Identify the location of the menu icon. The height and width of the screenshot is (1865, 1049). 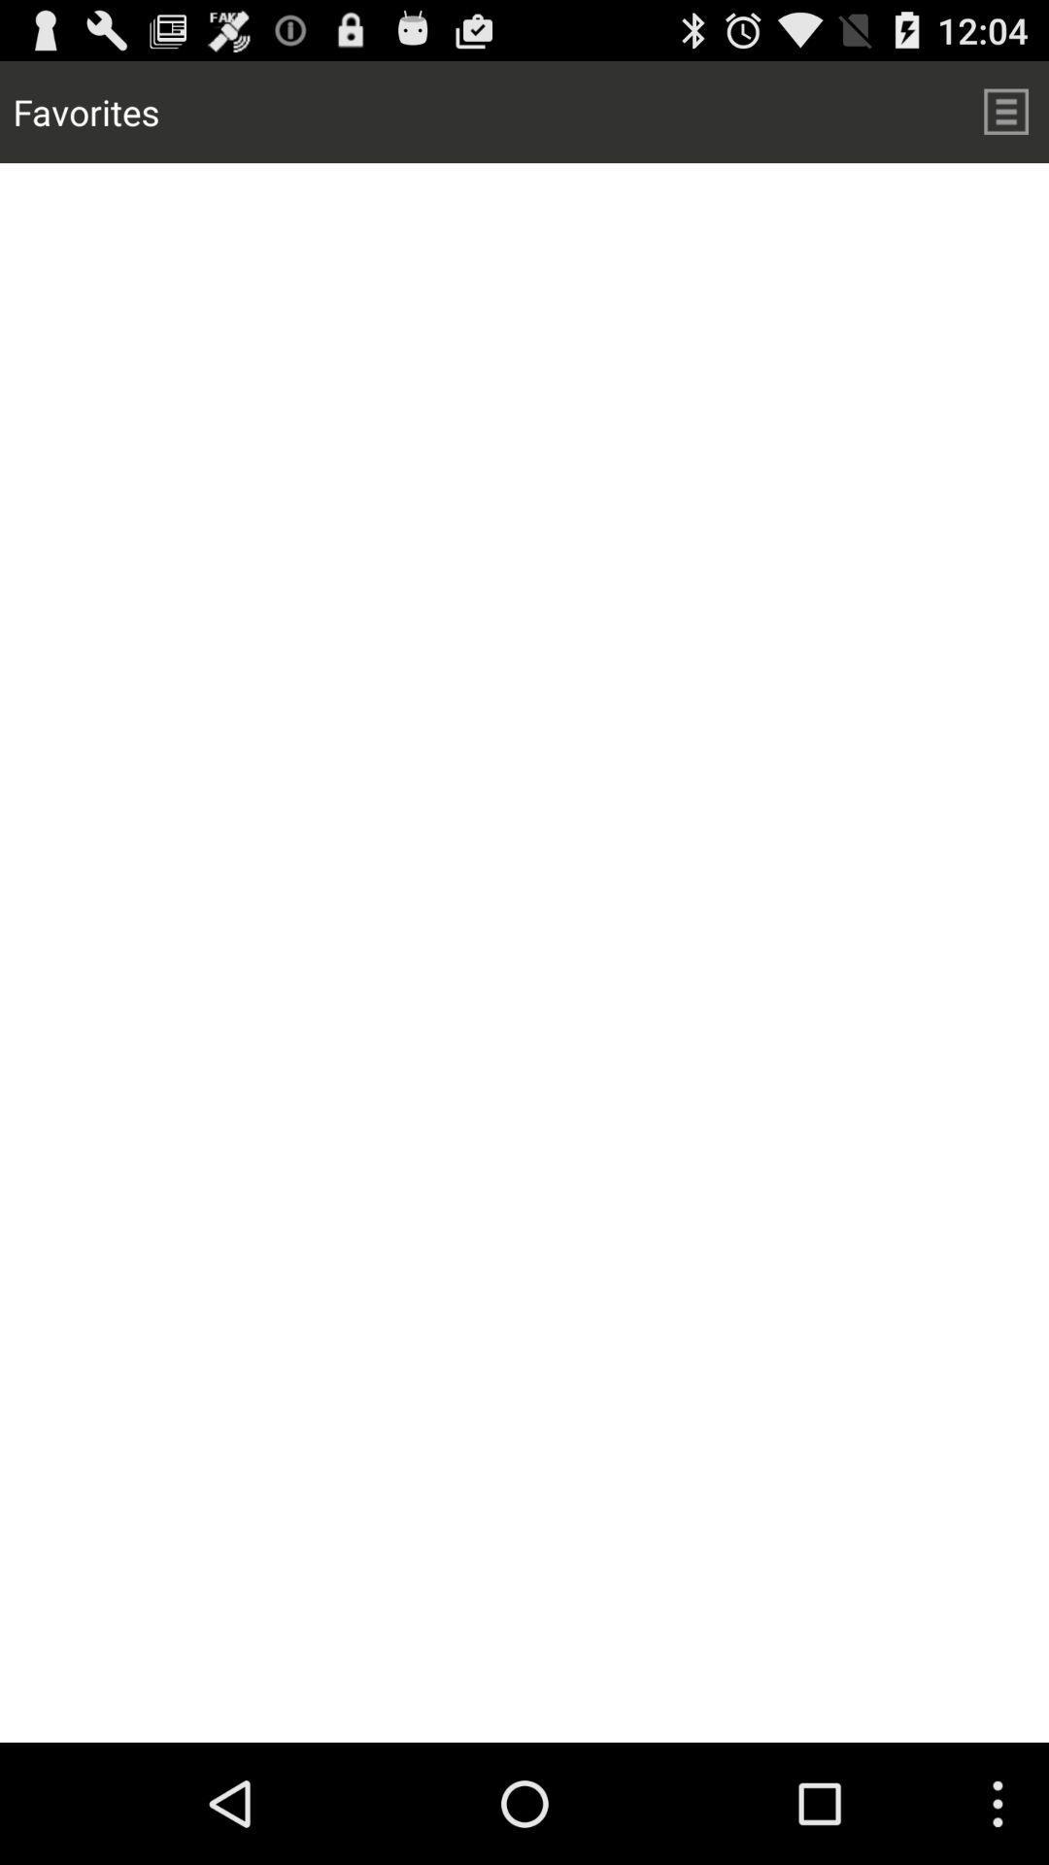
(1005, 119).